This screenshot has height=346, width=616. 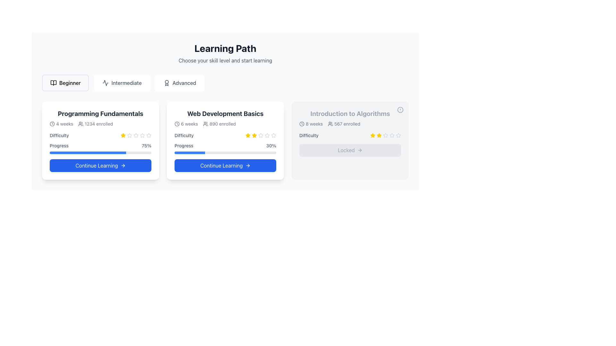 What do you see at coordinates (100, 143) in the screenshot?
I see `the 'Difficulty' and 'Progress' indicator section below the title 'Programming Fundamentals'` at bounding box center [100, 143].